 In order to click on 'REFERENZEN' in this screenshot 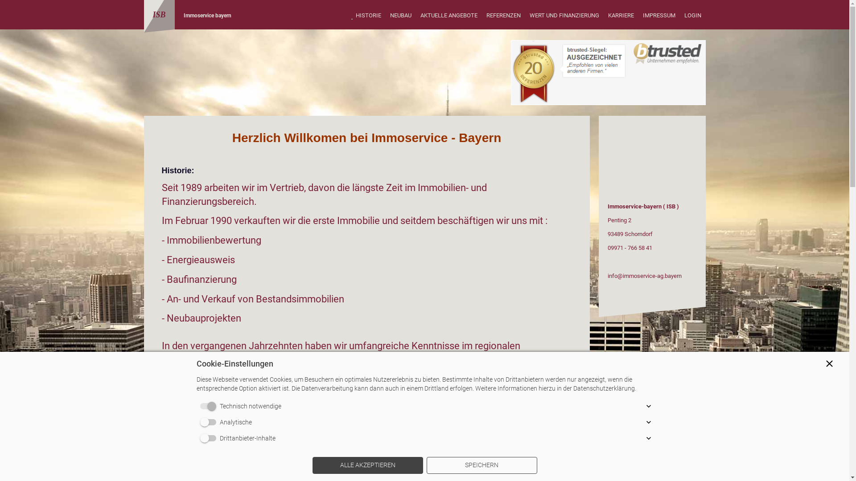, I will do `click(481, 16)`.